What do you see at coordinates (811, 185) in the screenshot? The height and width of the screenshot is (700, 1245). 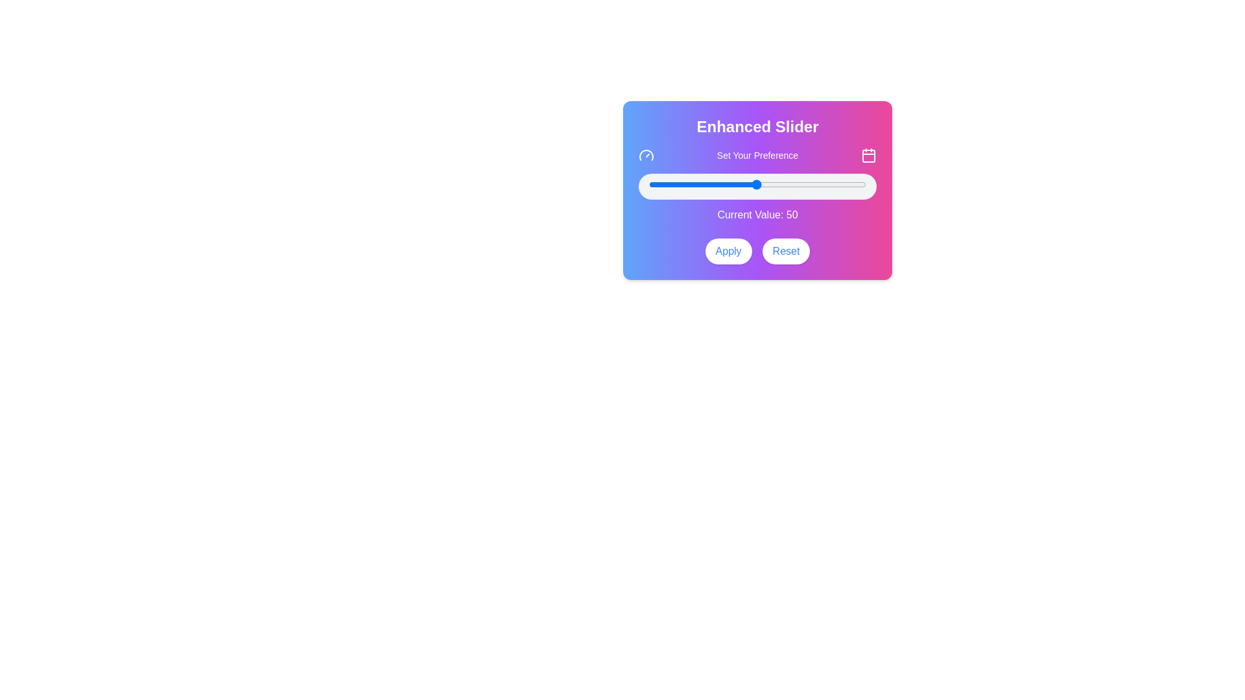 I see `the slider value` at bounding box center [811, 185].